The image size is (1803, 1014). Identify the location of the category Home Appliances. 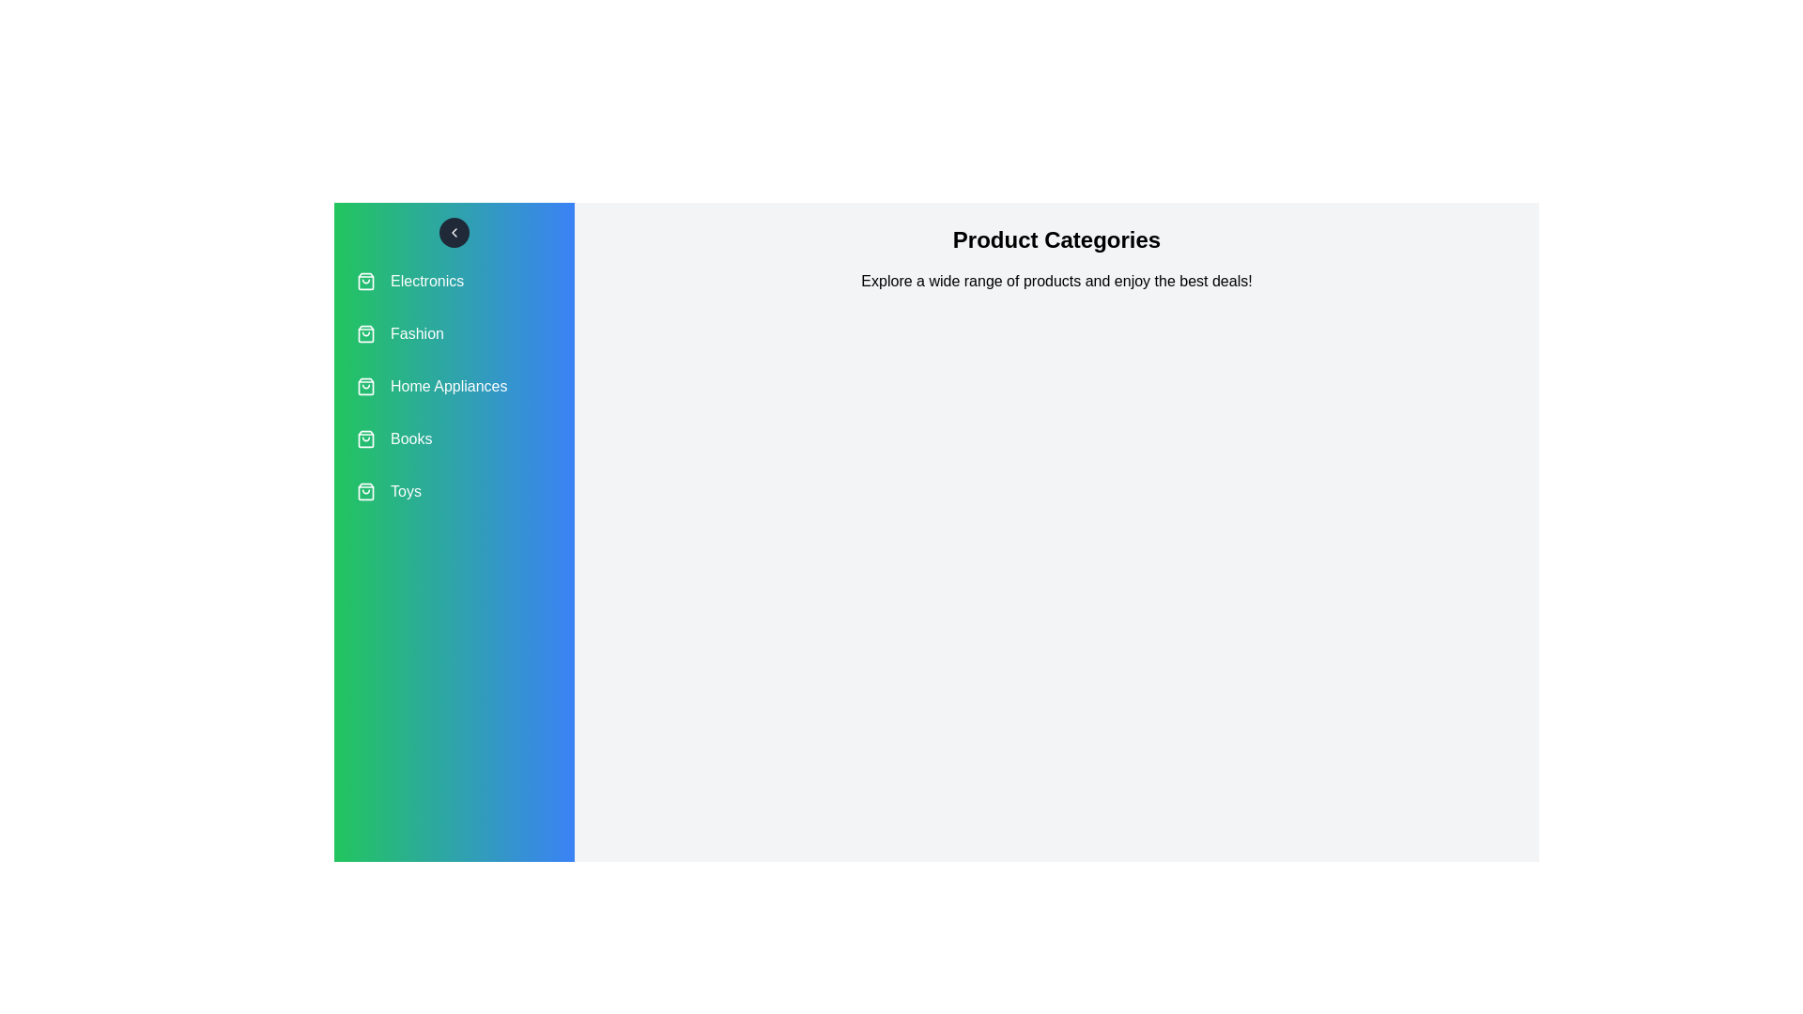
(455, 386).